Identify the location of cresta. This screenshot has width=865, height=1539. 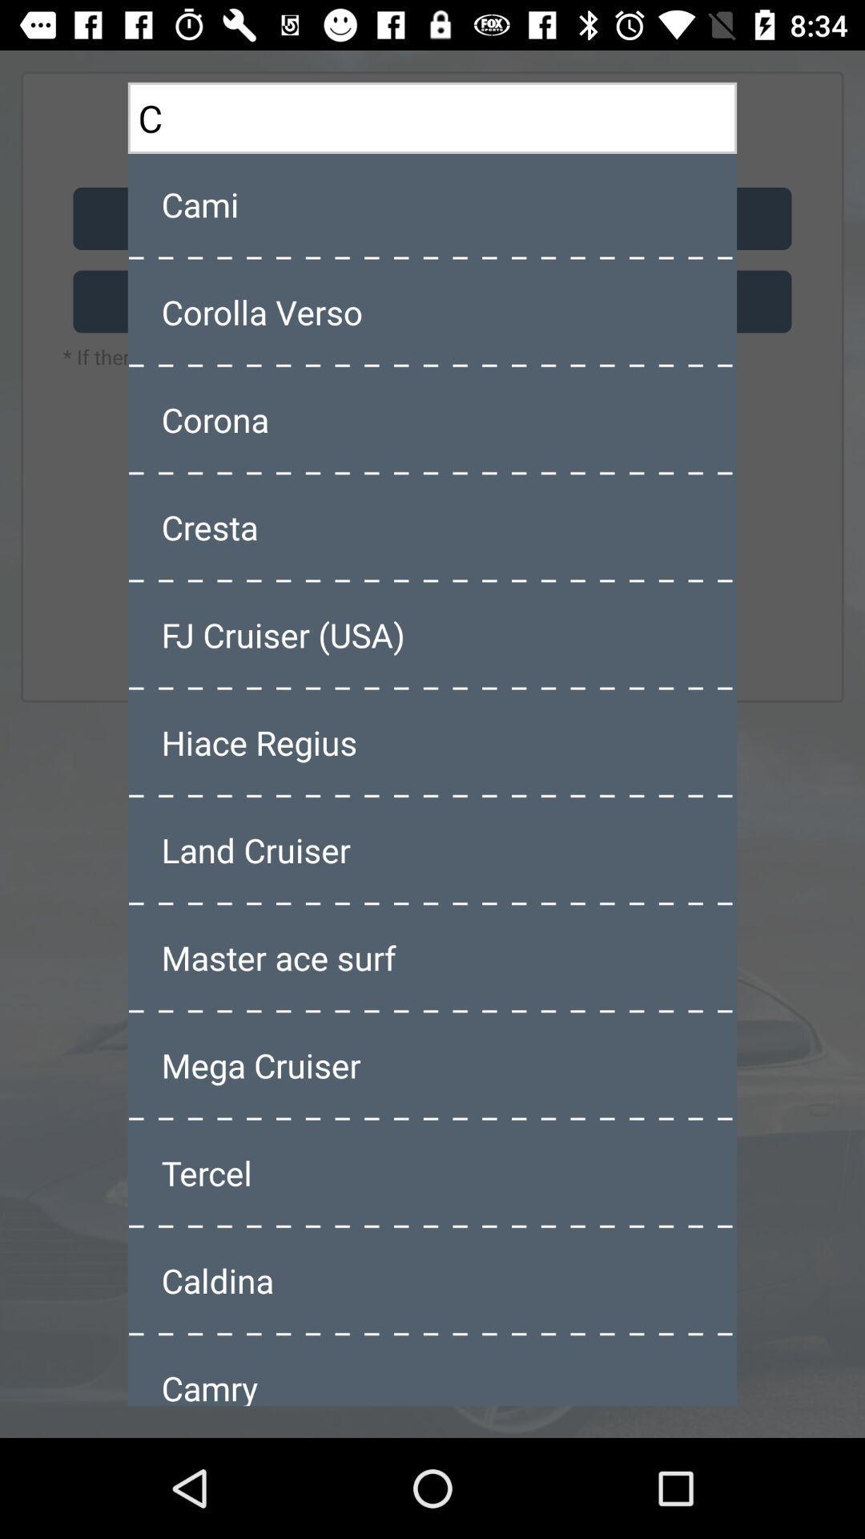
(432, 527).